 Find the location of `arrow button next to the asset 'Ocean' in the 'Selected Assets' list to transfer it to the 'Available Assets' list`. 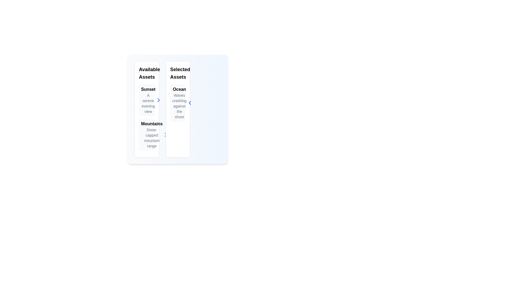

arrow button next to the asset 'Ocean' in the 'Selected Assets' list to transfer it to the 'Available Assets' list is located at coordinates (190, 103).